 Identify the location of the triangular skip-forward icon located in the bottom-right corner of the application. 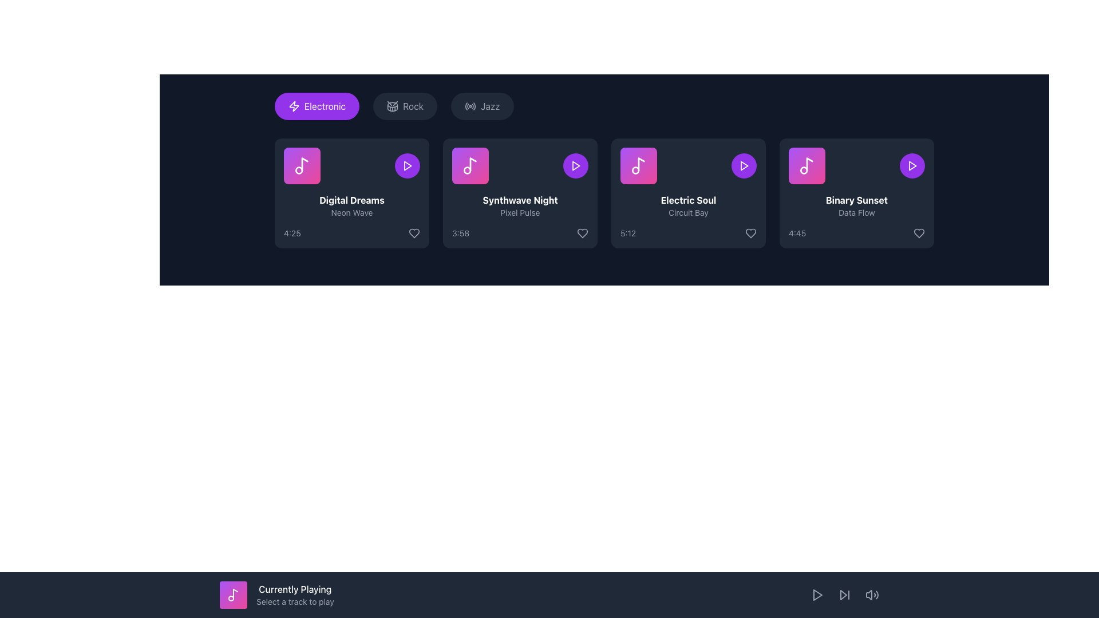
(843, 595).